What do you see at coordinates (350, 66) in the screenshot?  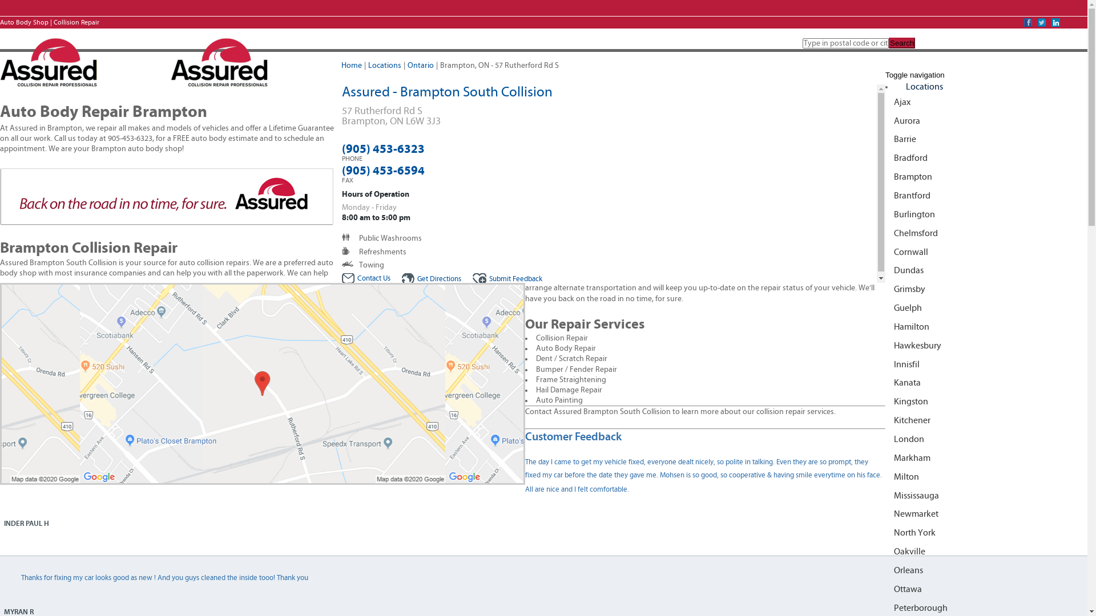 I see `'Home'` at bounding box center [350, 66].